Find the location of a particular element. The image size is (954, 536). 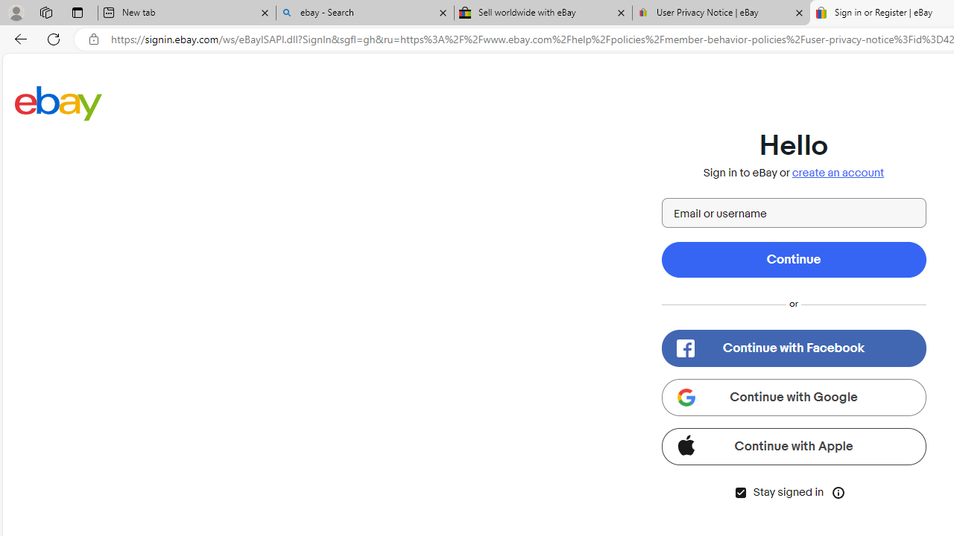

'Continue with Facebook' is located at coordinates (792, 348).